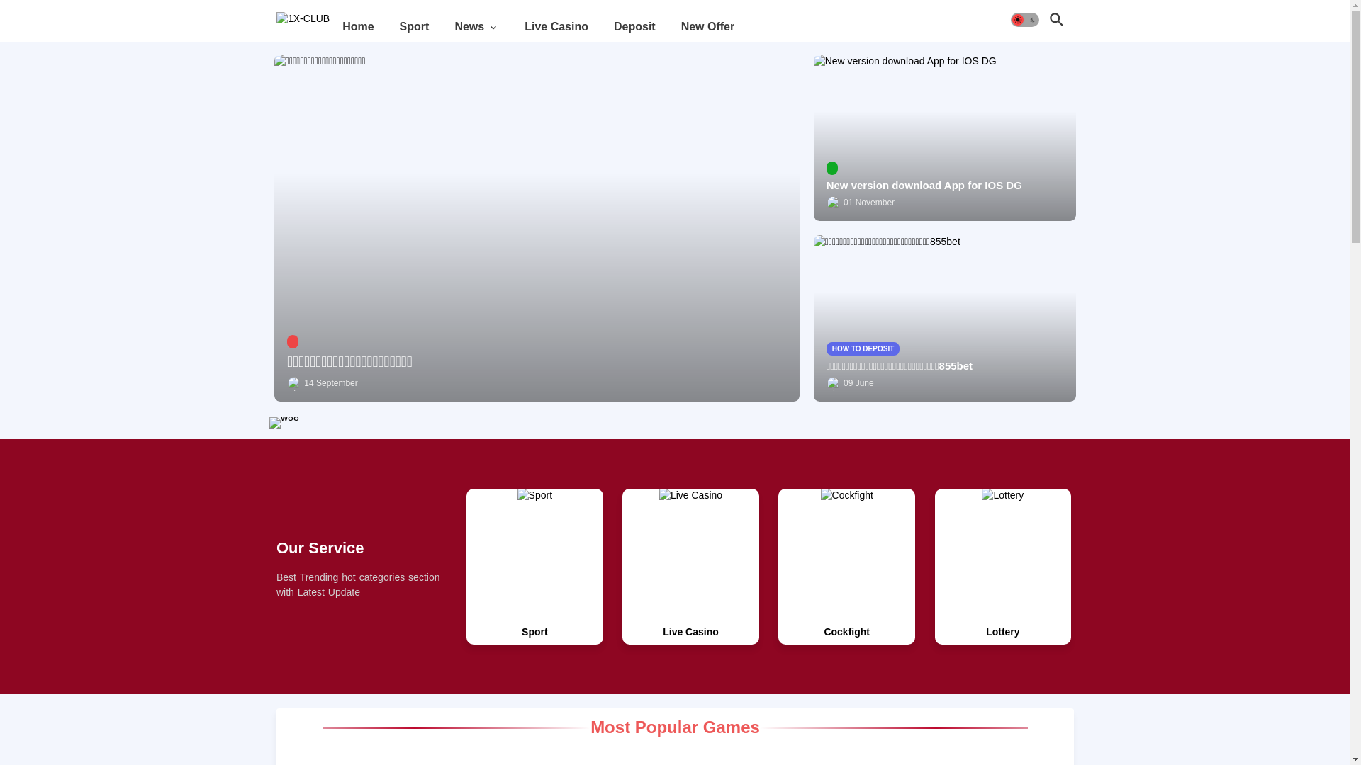 Image resolution: width=1361 pixels, height=765 pixels. I want to click on 'New Offer', so click(707, 27).